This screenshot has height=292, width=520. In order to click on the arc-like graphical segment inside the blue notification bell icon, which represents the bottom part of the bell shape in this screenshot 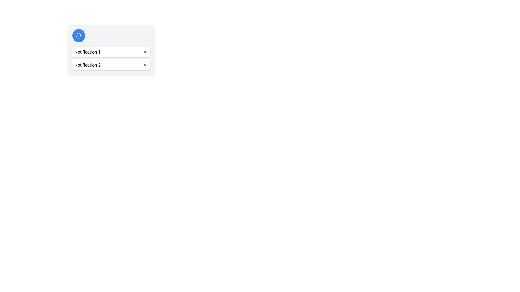, I will do `click(79, 35)`.